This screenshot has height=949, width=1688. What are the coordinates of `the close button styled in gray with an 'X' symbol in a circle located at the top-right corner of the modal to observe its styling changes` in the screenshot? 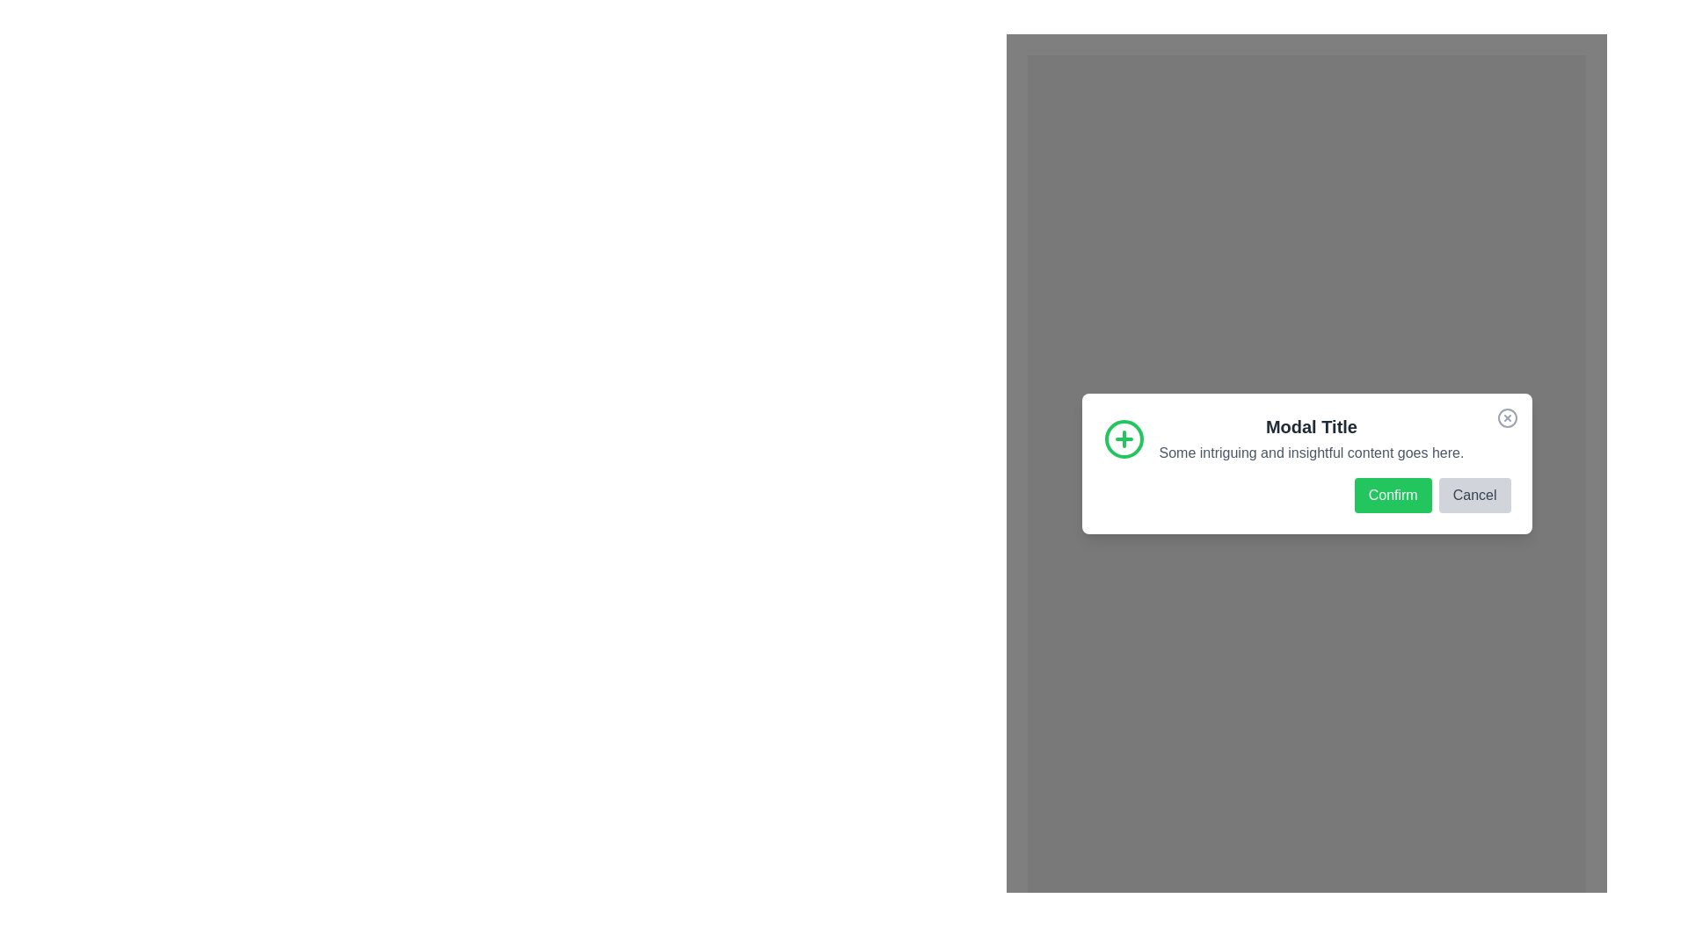 It's located at (1506, 417).